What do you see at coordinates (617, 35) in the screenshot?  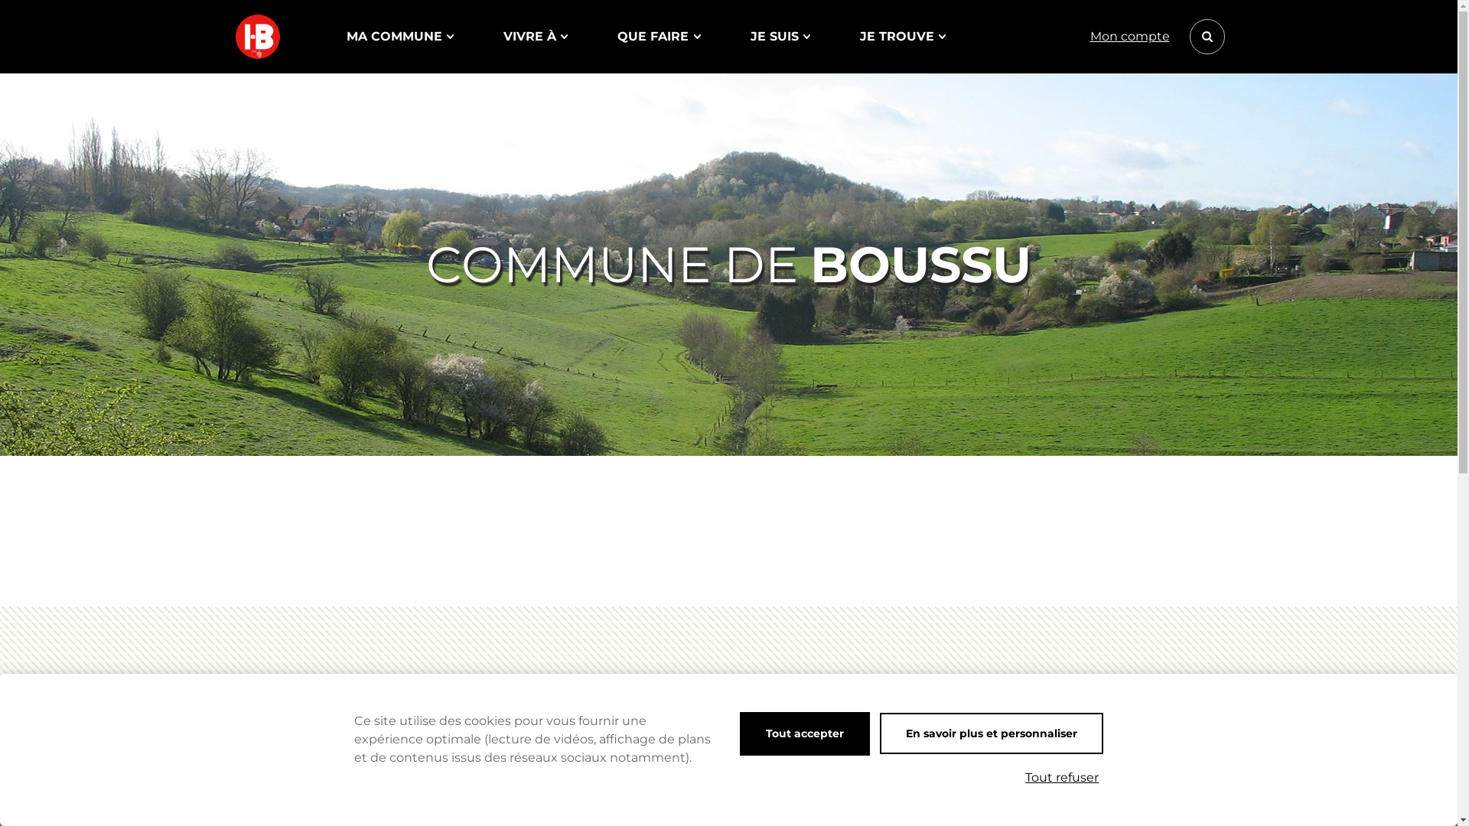 I see `'QUE FAIRE'` at bounding box center [617, 35].